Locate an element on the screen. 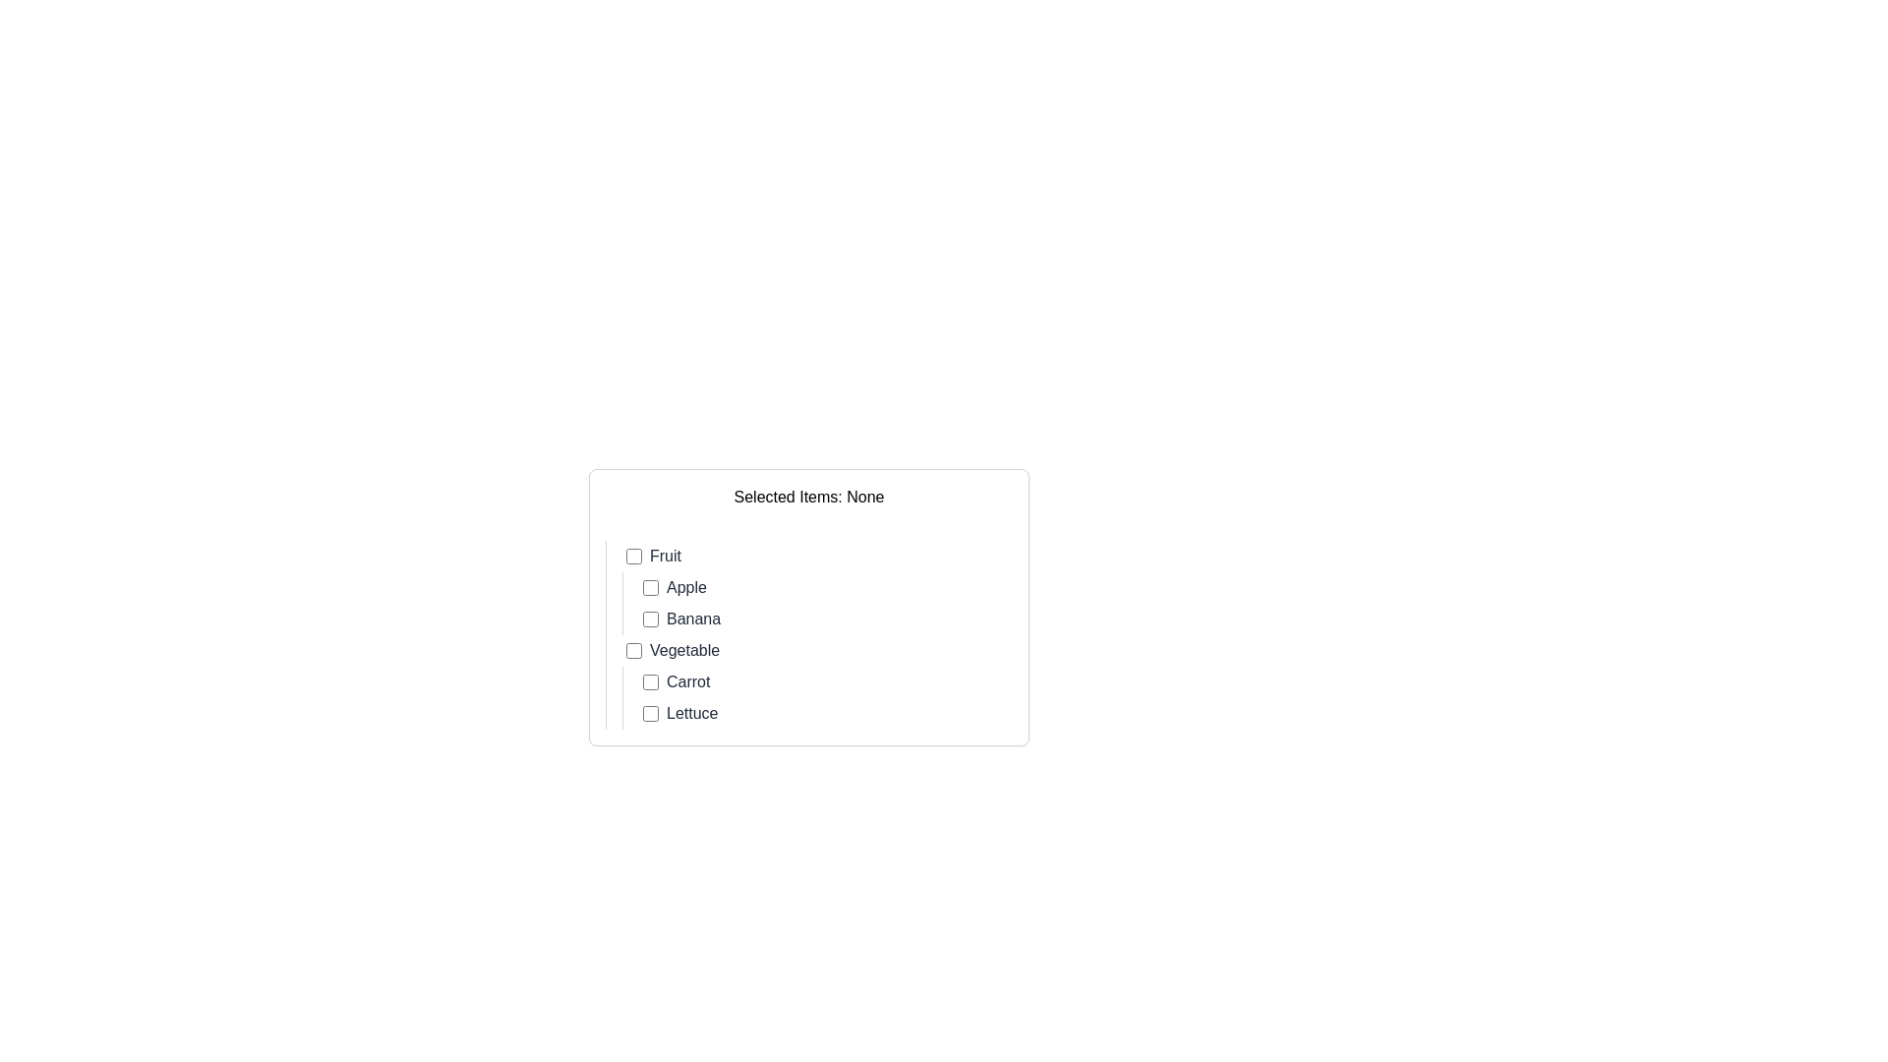 The height and width of the screenshot is (1062, 1888). the label for the second fruit option, which provides descriptive text for the associated checkbox is located at coordinates (693, 618).